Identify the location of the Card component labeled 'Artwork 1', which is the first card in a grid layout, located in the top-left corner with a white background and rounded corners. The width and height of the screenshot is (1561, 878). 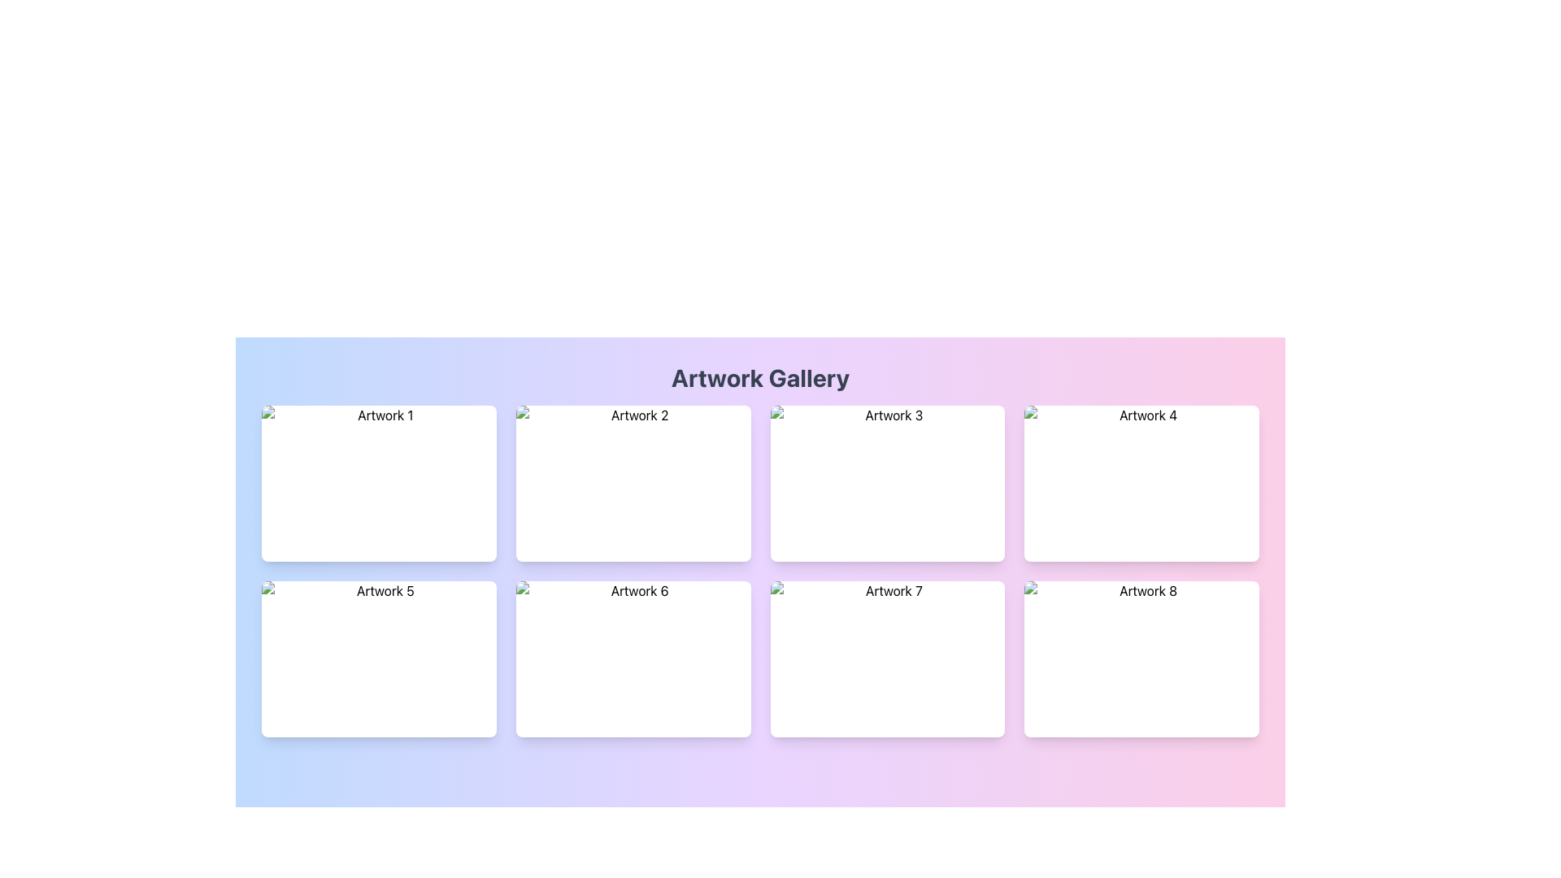
(378, 482).